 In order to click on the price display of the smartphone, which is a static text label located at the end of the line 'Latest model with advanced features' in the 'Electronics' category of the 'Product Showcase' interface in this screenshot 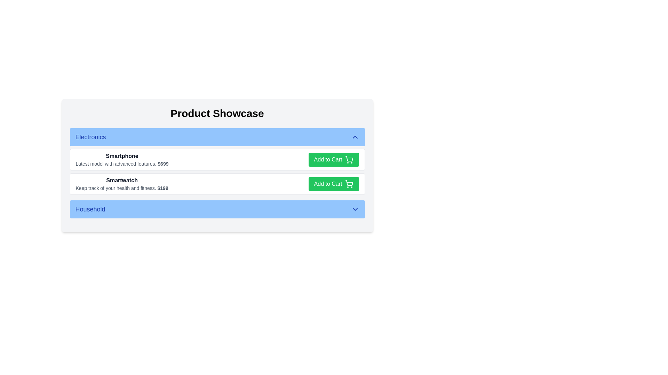, I will do `click(162, 164)`.